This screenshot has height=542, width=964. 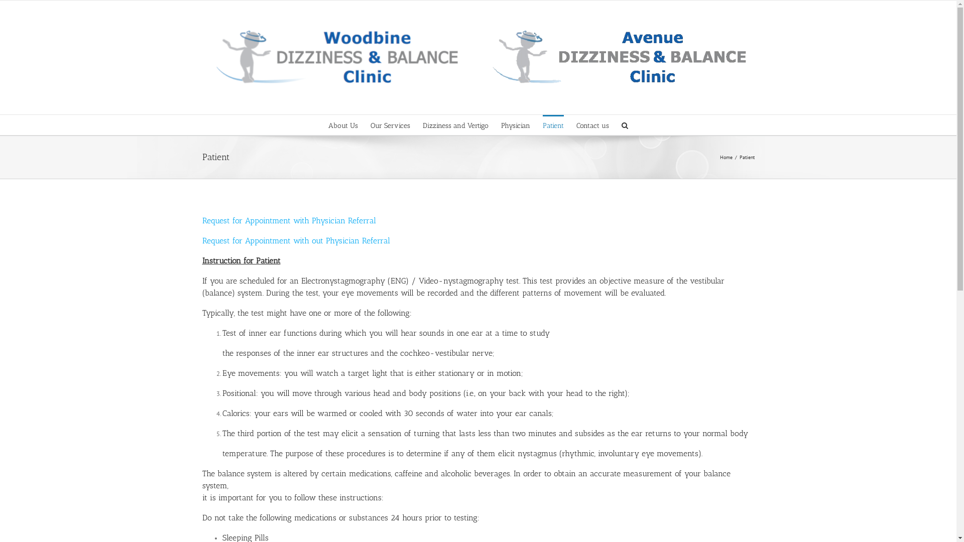 What do you see at coordinates (455, 124) in the screenshot?
I see `'Dizziness and Vertigo'` at bounding box center [455, 124].